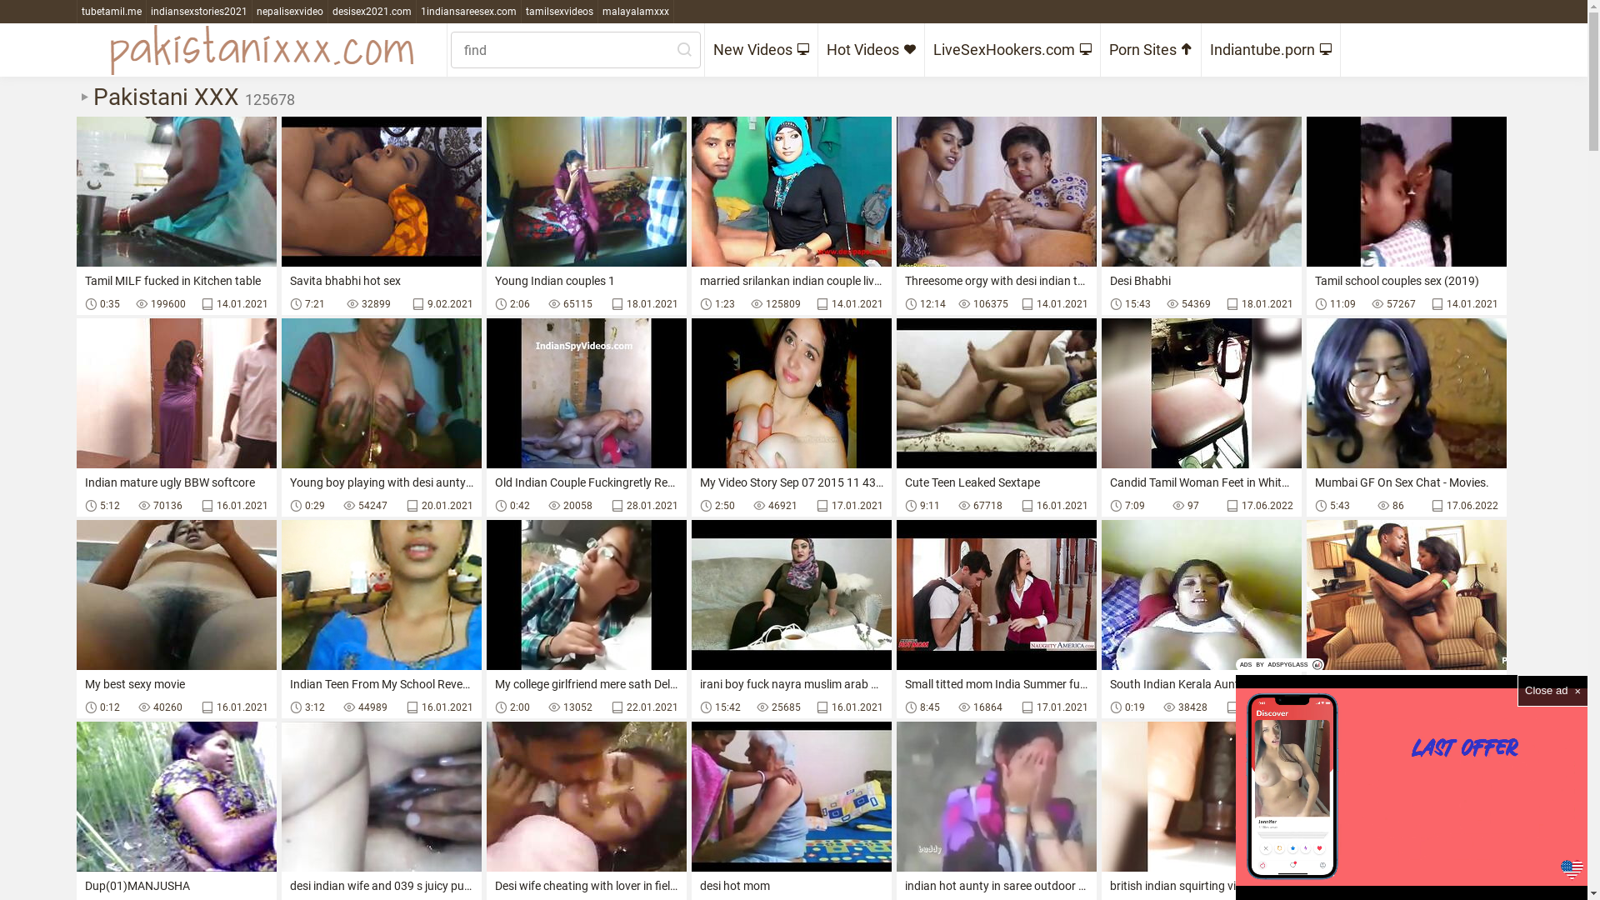 The height and width of the screenshot is (900, 1600). What do you see at coordinates (1406, 214) in the screenshot?
I see `'Tamil school couples sex (2019)` at bounding box center [1406, 214].